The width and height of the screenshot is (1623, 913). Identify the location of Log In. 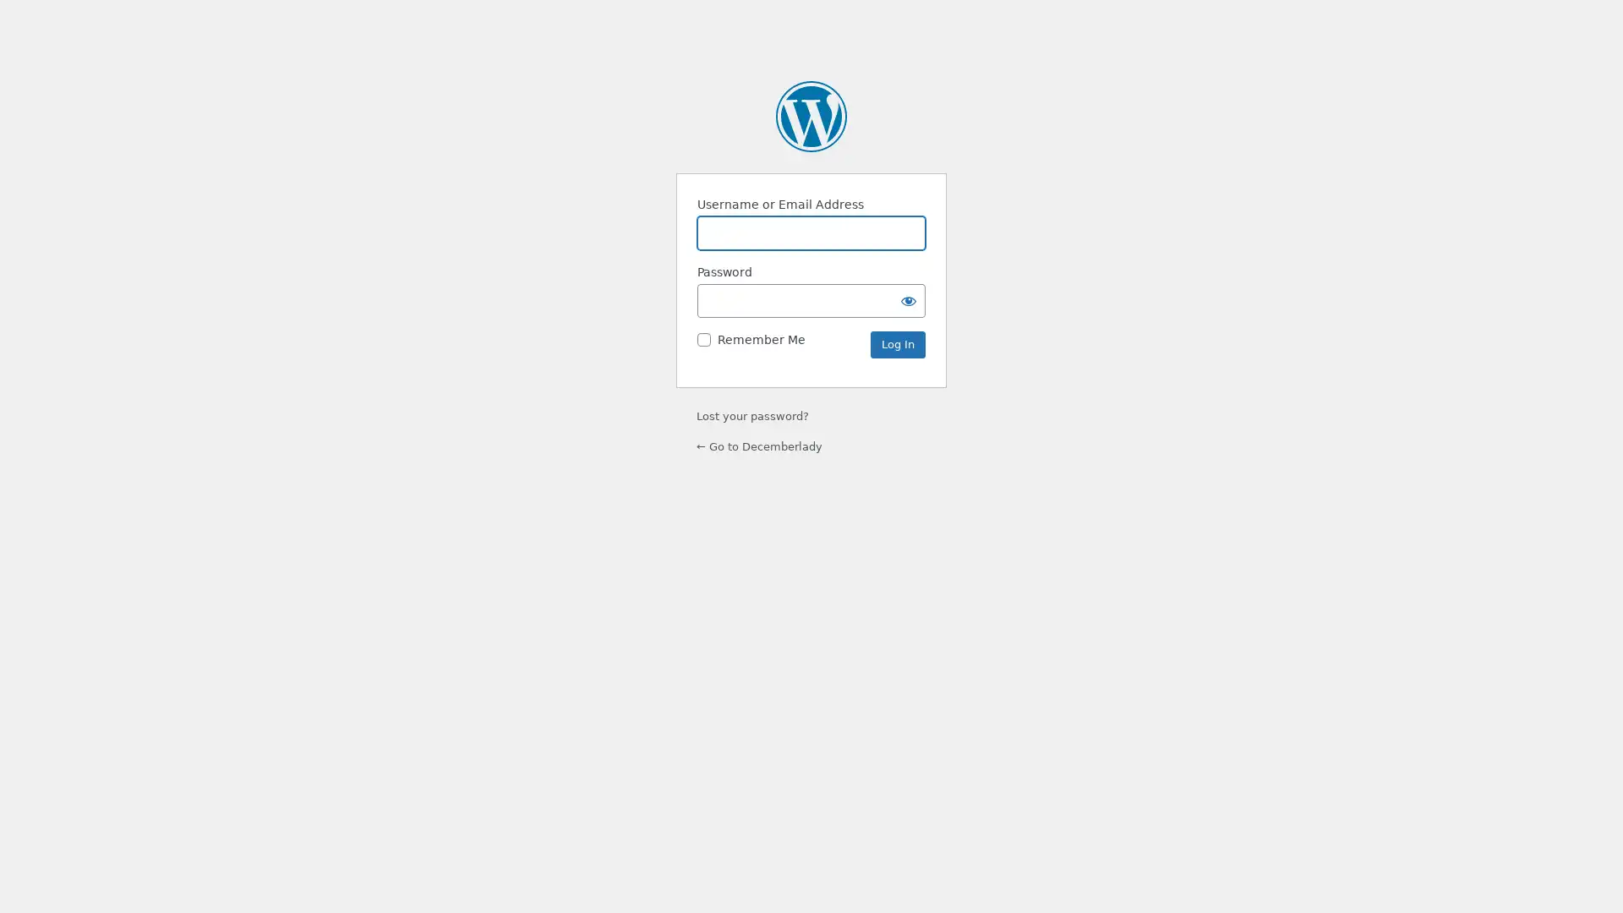
(897, 344).